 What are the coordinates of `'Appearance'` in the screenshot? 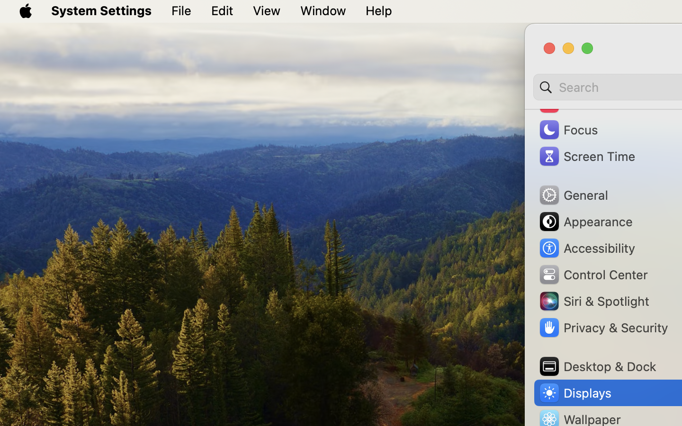 It's located at (584, 221).